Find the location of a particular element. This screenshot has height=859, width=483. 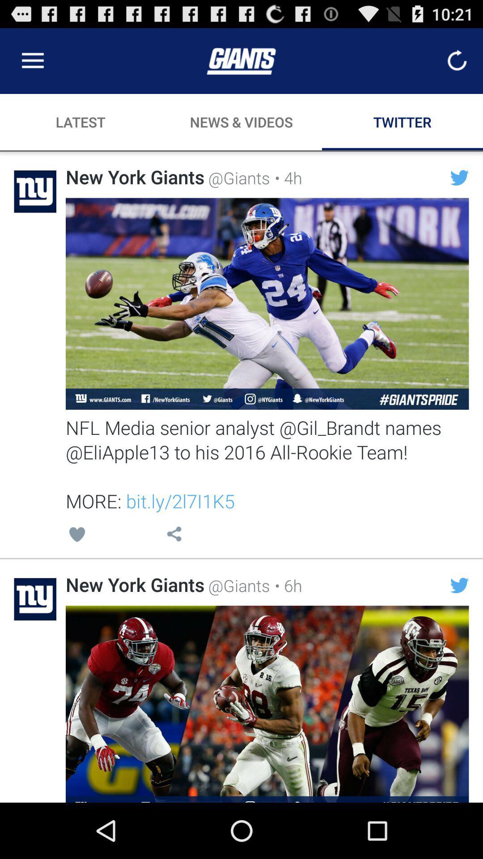

item next to @giants is located at coordinates (286, 585).